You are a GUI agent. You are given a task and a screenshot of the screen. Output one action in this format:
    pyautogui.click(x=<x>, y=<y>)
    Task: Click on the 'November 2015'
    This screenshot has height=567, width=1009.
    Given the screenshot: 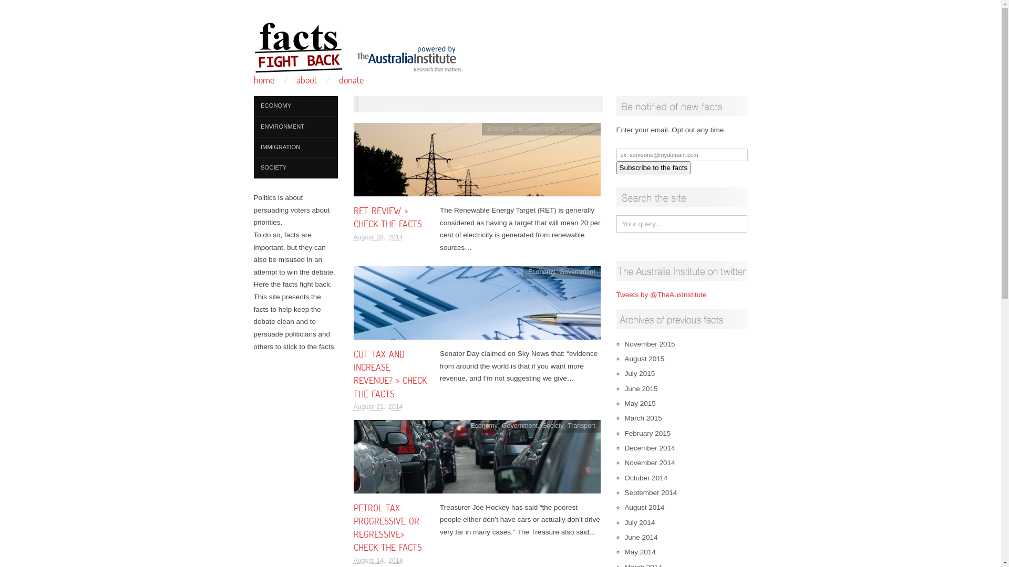 What is the action you would take?
    pyautogui.click(x=649, y=344)
    